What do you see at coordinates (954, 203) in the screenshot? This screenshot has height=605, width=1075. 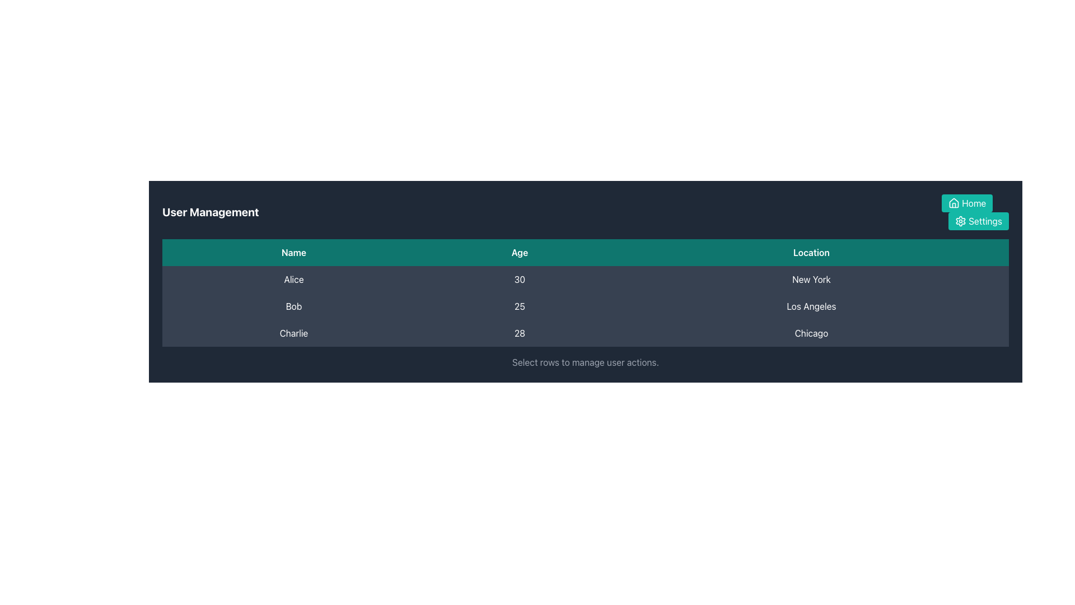 I see `the decorative icon within the 'Home' button located in the top-right corner of the interface` at bounding box center [954, 203].